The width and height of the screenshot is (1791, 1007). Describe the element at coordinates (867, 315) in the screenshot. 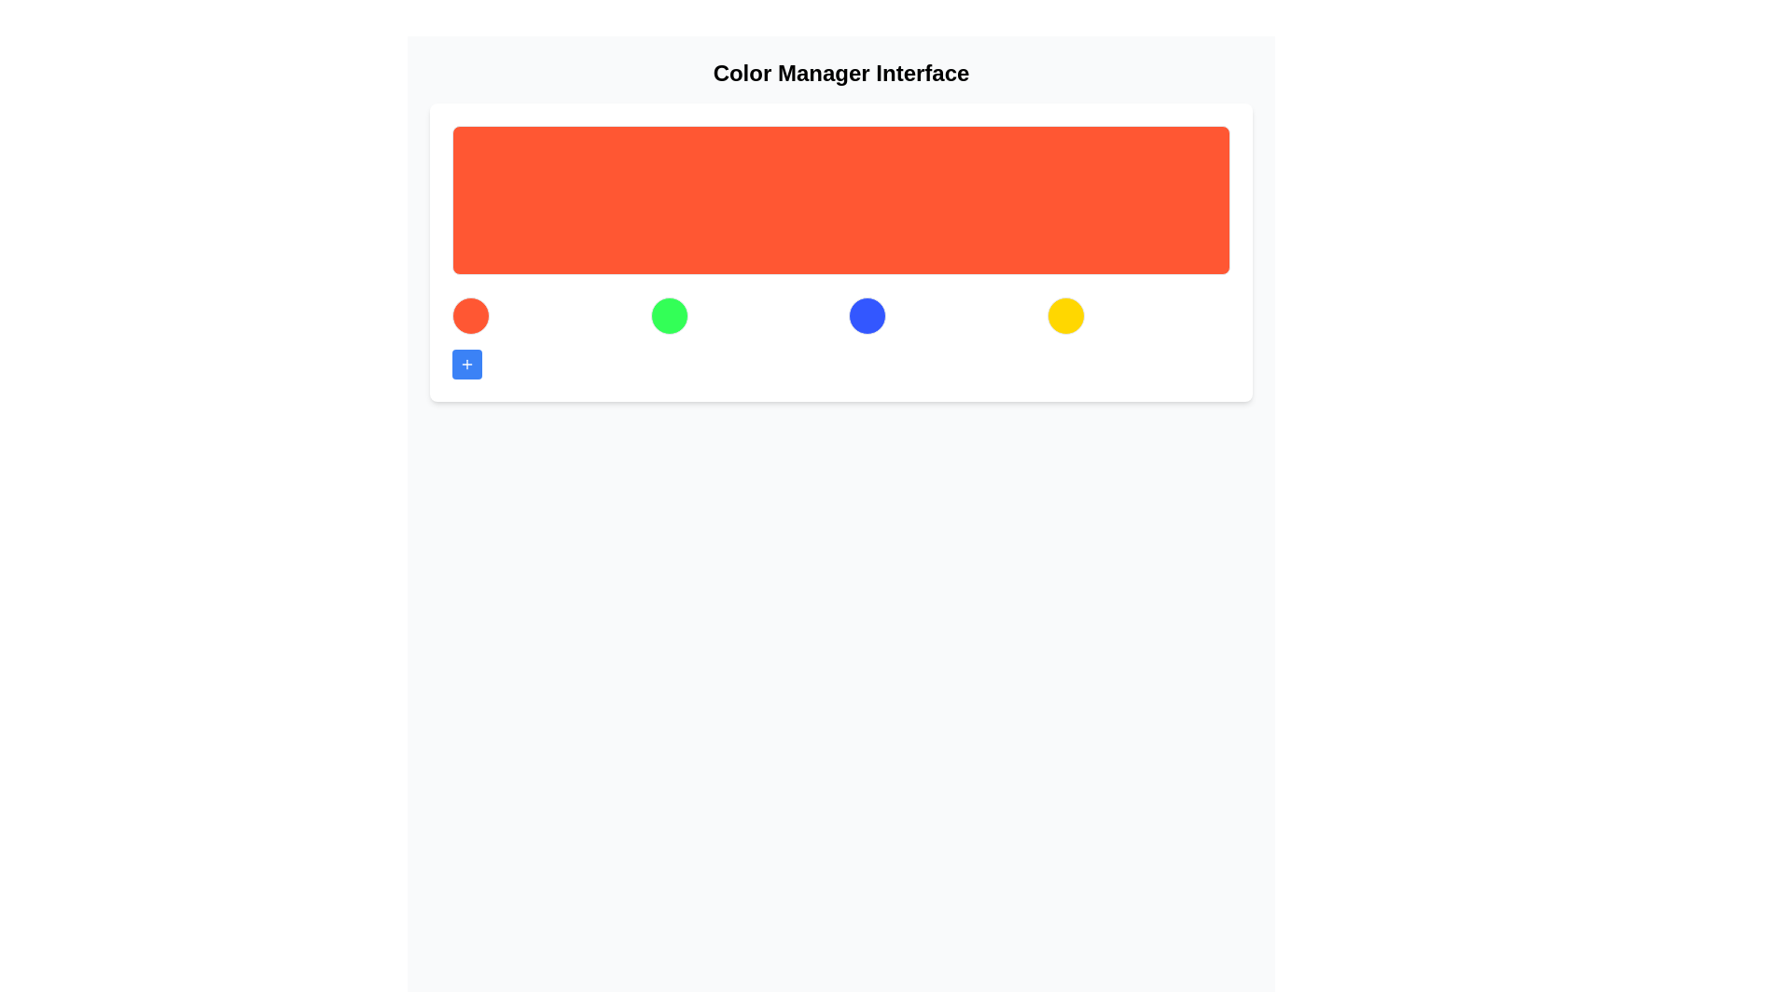

I see `the circular blue interactive button located in the horizontal row under the orange bar` at that location.